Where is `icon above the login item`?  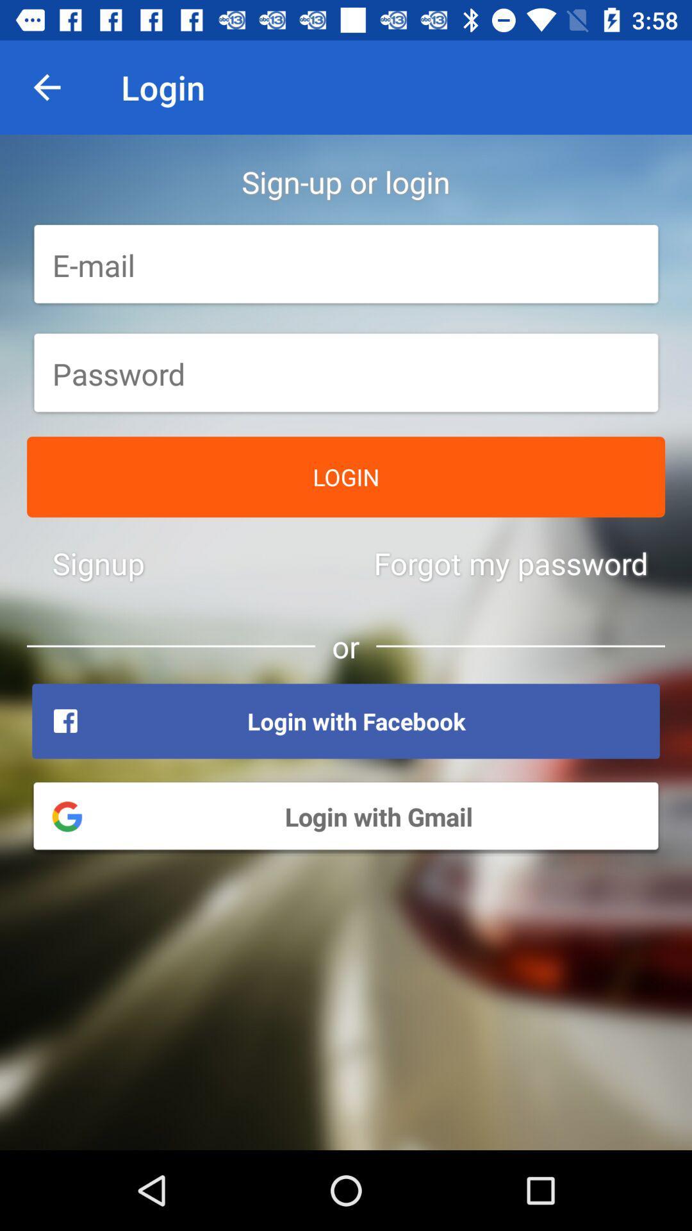
icon above the login item is located at coordinates (346, 373).